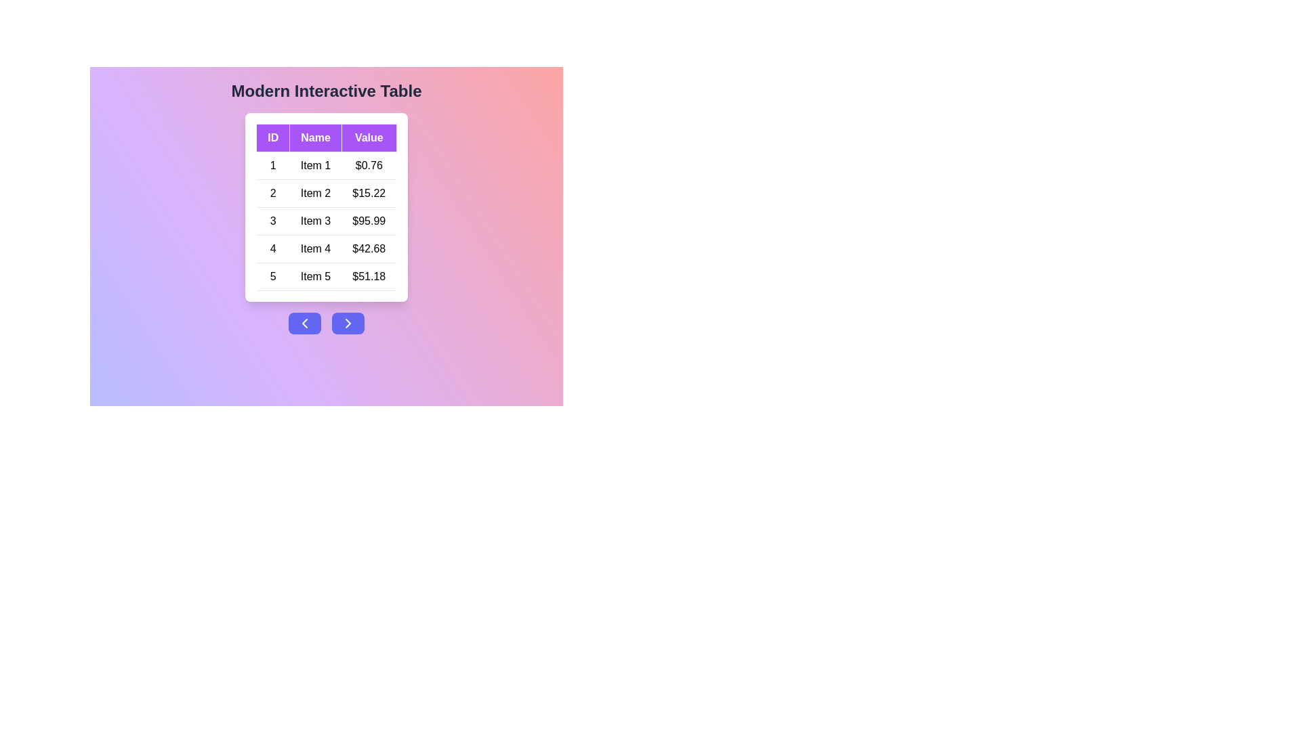 Image resolution: width=1301 pixels, height=731 pixels. What do you see at coordinates (304, 324) in the screenshot?
I see `the navigation button to move to the previous page` at bounding box center [304, 324].